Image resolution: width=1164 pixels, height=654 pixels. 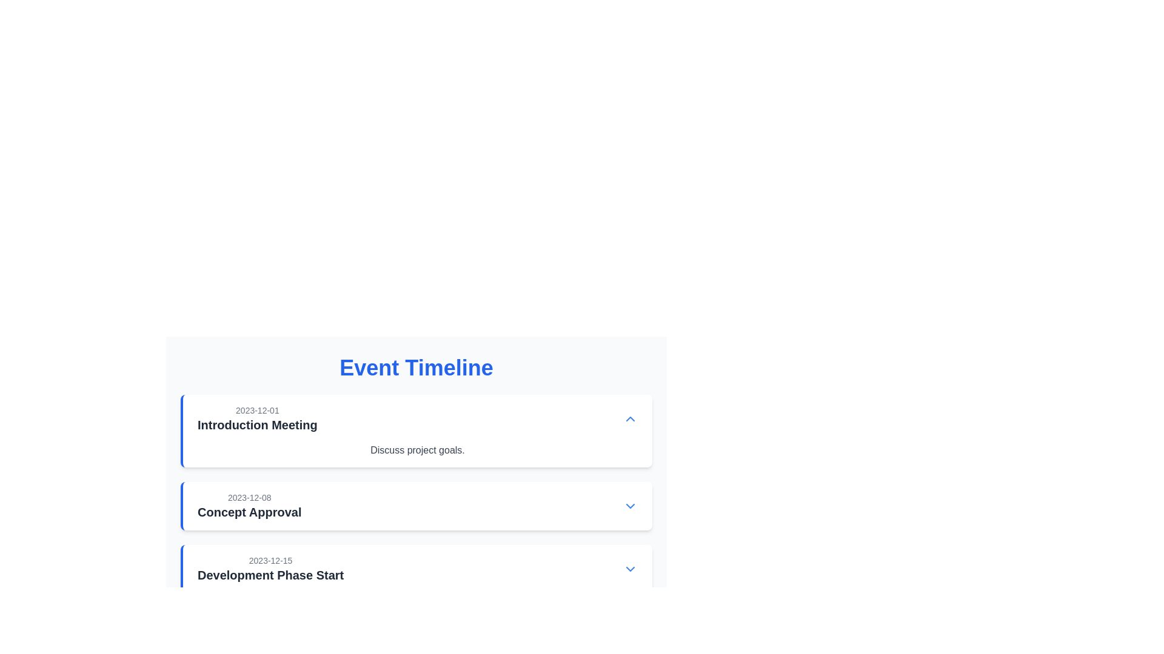 I want to click on the text label displaying 'Discuss project goals.' which is located below 'Introduction Meeting' and '2023-12-01', so click(x=418, y=451).